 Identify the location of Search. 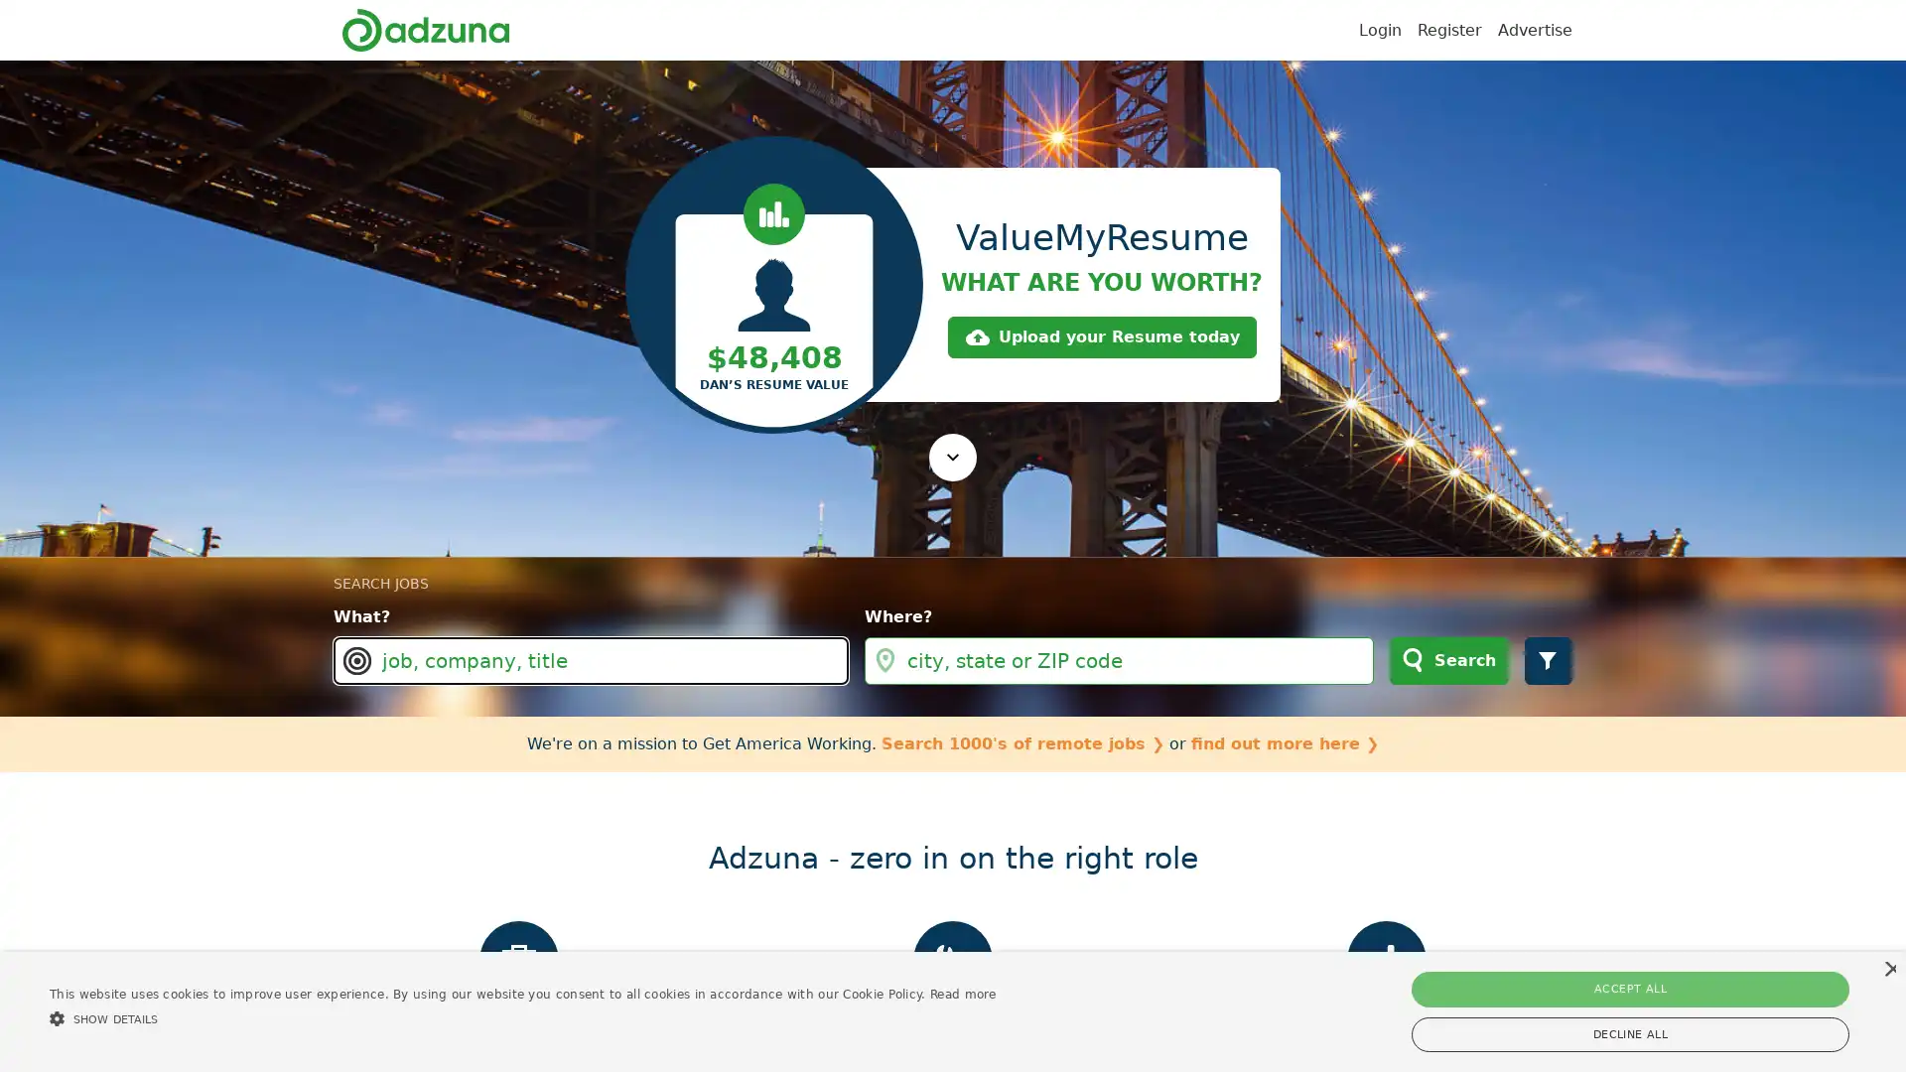
(1448, 661).